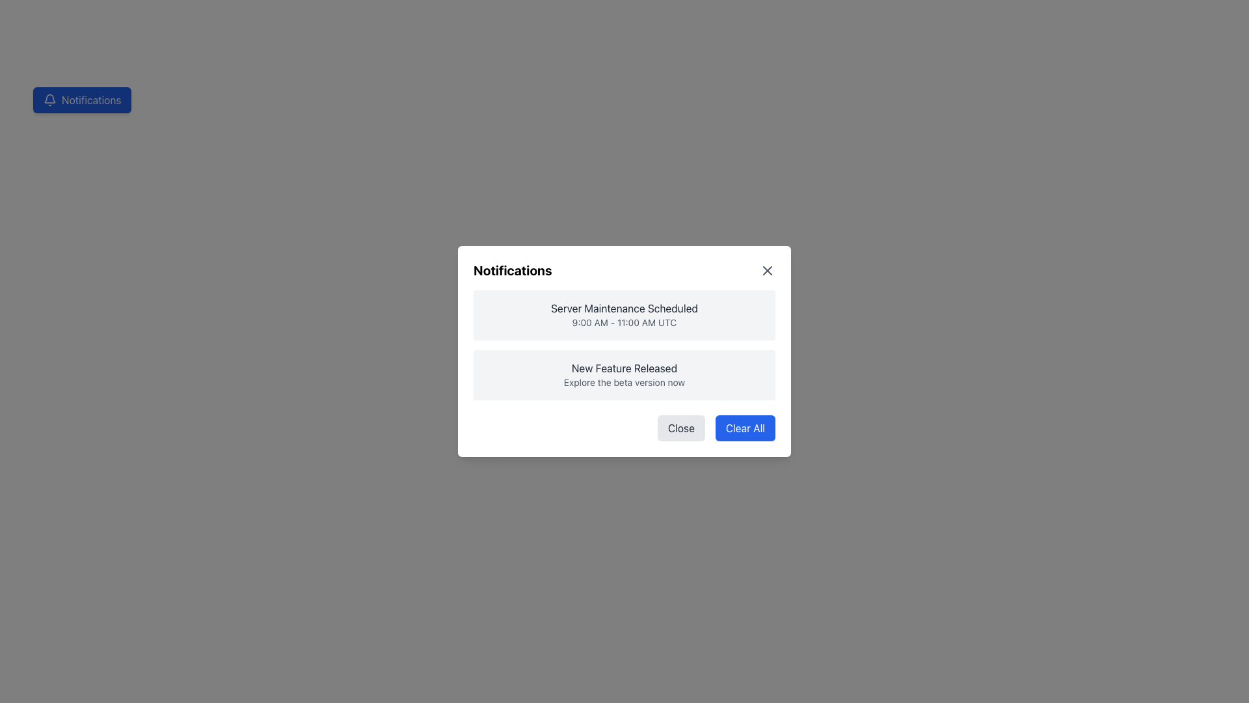 Image resolution: width=1249 pixels, height=703 pixels. I want to click on the Informational notification card about upcoming server maintenance, located at the top of the notification list within the 'Notifications' modal dialog, so click(624, 314).